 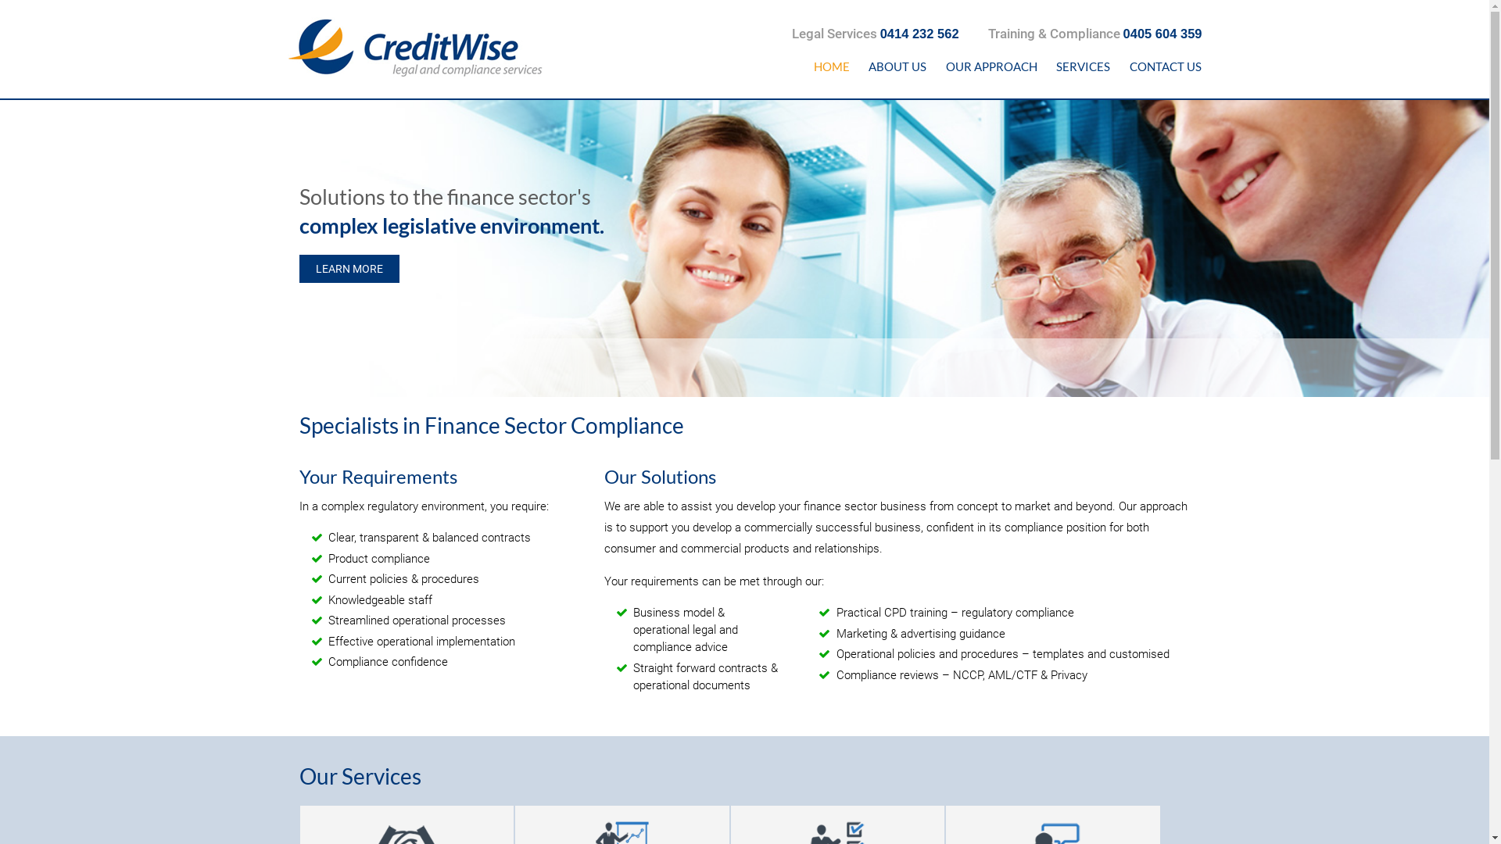 What do you see at coordinates (1083, 66) in the screenshot?
I see `'SERVICES'` at bounding box center [1083, 66].